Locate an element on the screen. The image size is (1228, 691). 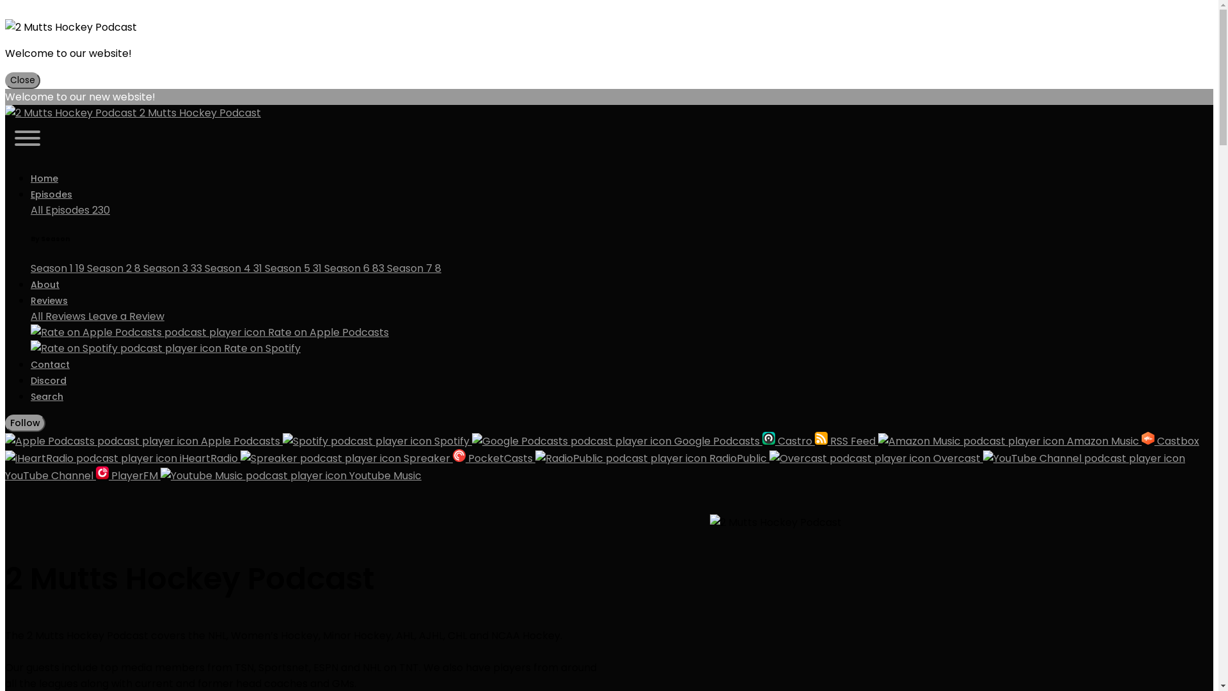
'Season 6 83' is located at coordinates (356, 267).